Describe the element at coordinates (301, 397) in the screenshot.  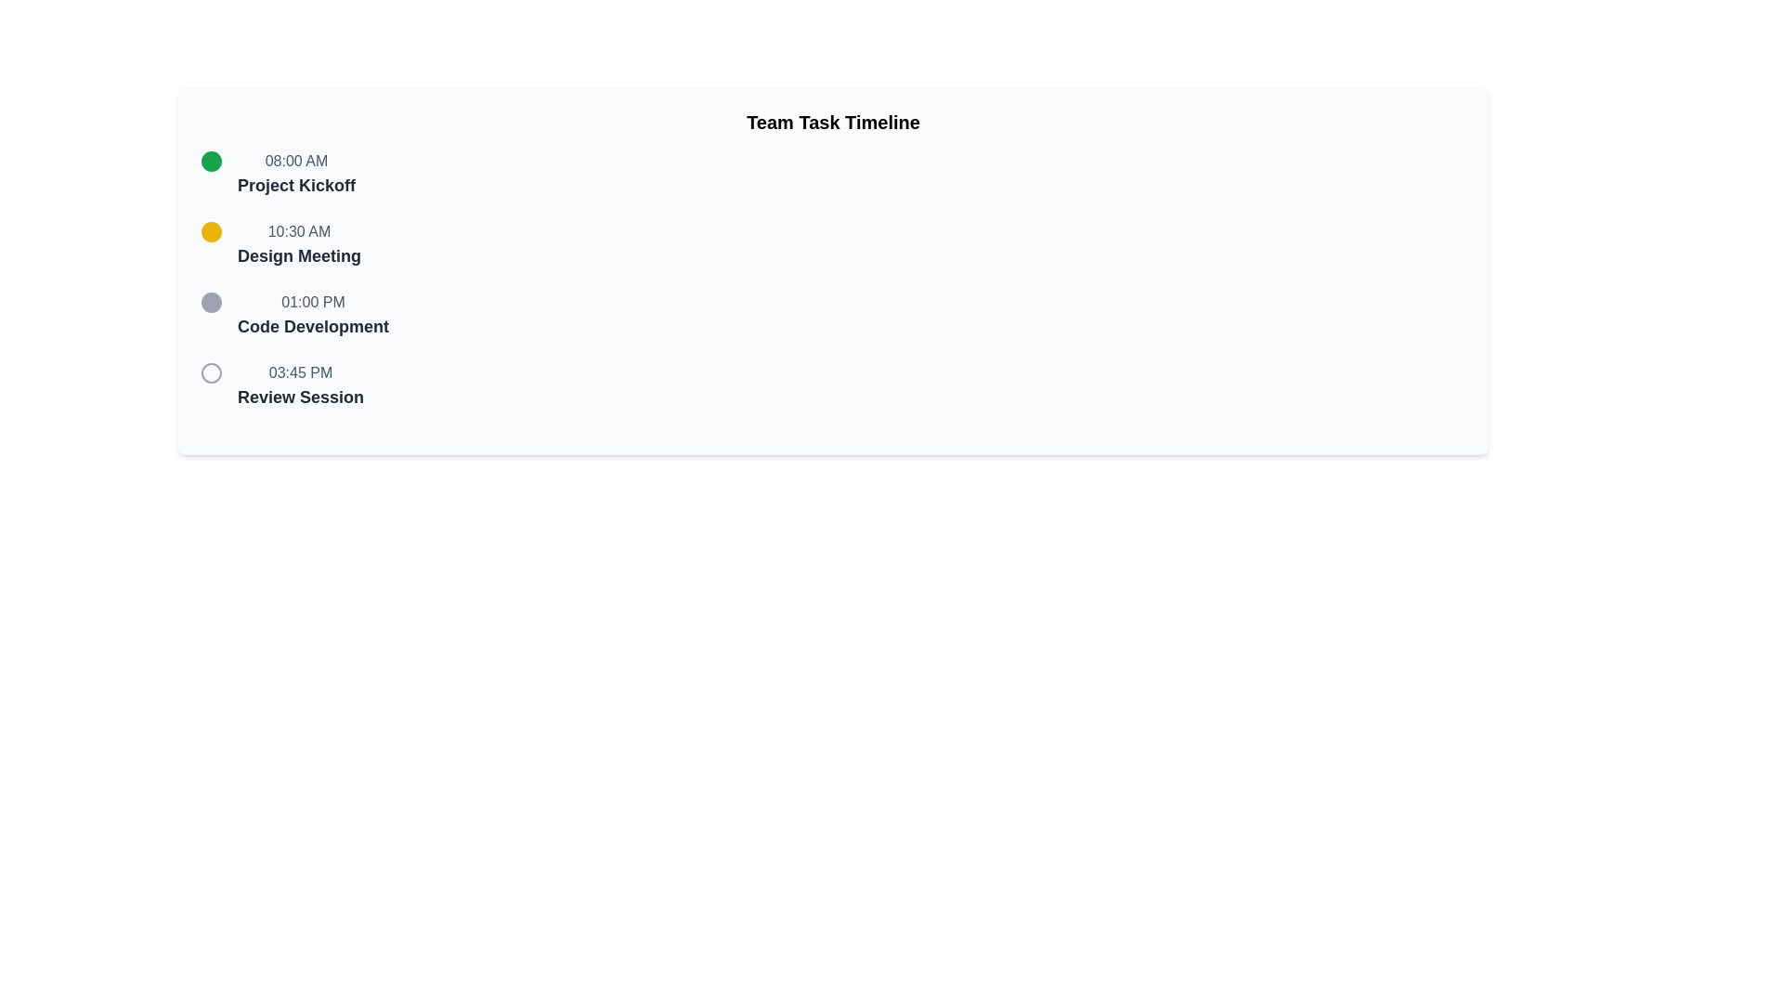
I see `'Review Session' text label located in the fourth section of the timeline list, below the '03:45 PM' timestamp and aligned to the right of the circular marker` at that location.